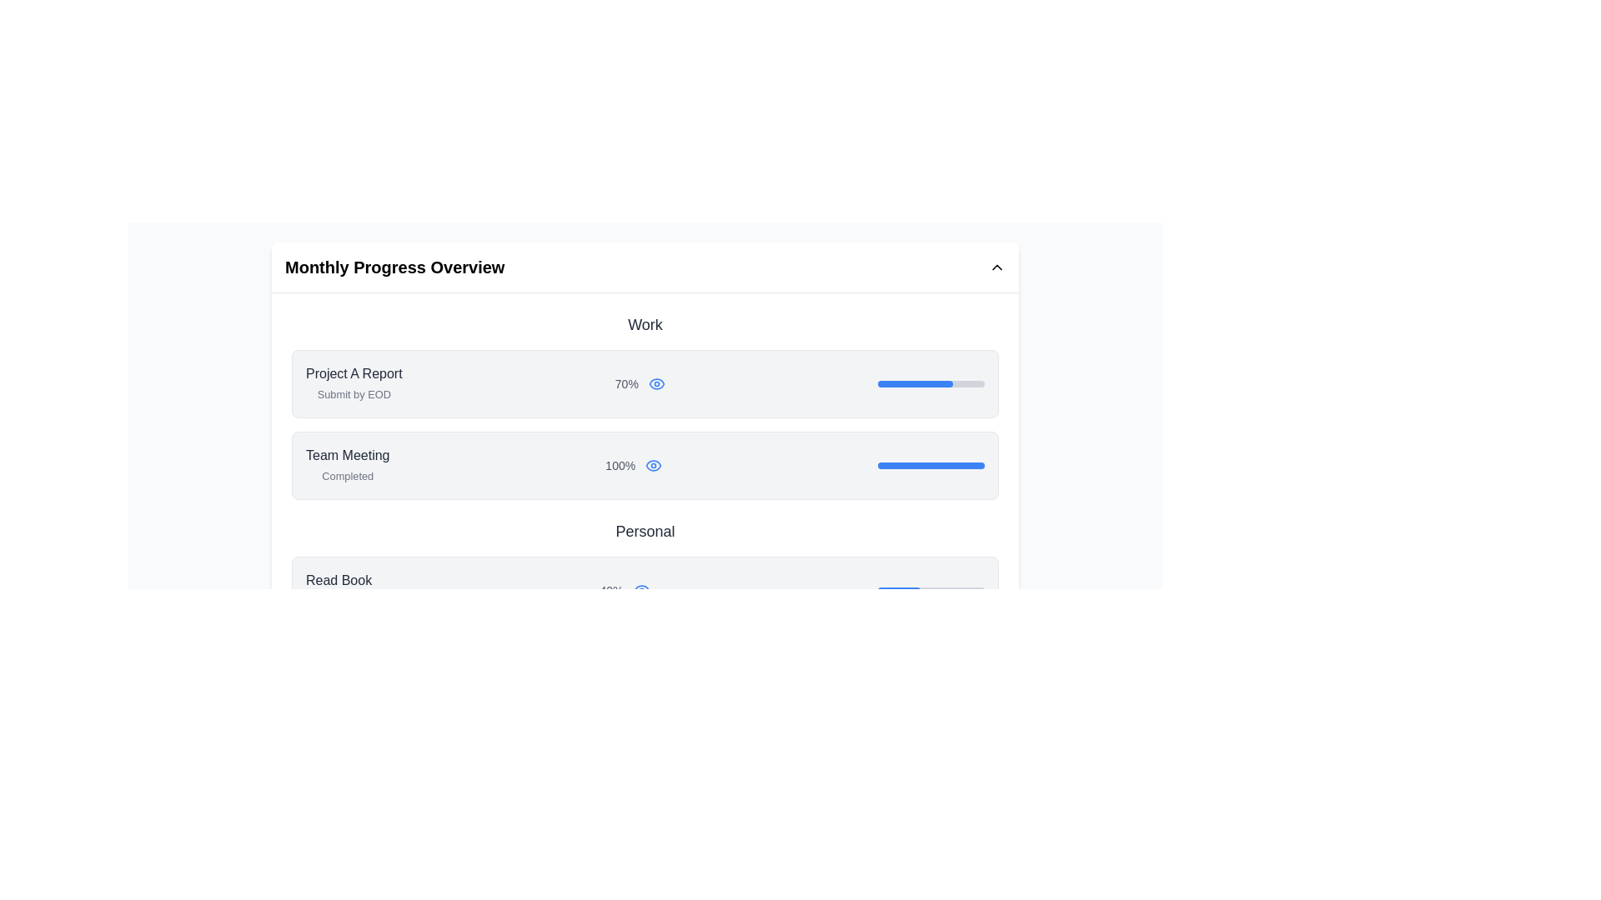 This screenshot has height=900, width=1601. I want to click on the text with icon indicating the percentage value for 'Project A Report', which provides access to a visual preview or status view, so click(639, 384).